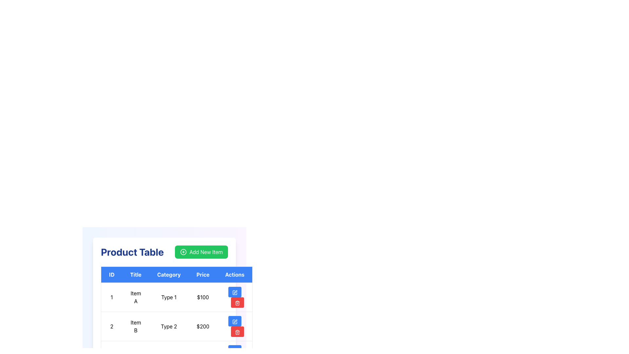 This screenshot has width=629, height=354. I want to click on the edit icon (pen/pencil inside a square) located in the second row of the 'Actions' column for 'Item B', so click(235, 321).